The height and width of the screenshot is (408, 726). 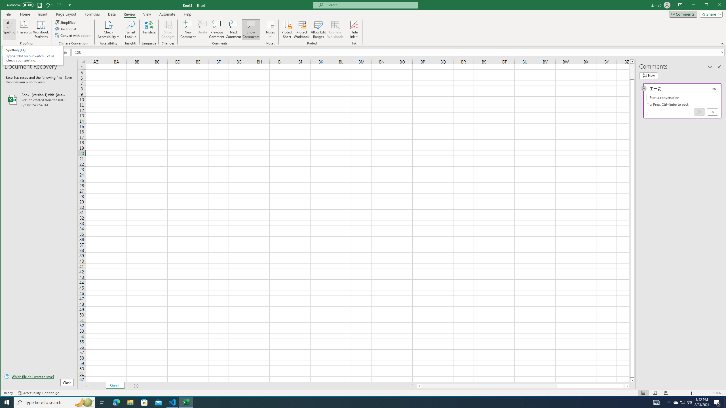 I want to click on 'Page up', so click(x=632, y=71).